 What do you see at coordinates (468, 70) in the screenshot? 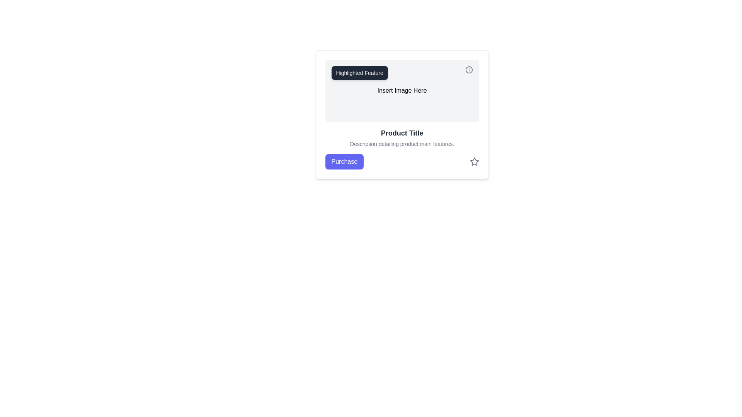
I see `the circular icon with an exclamation mark` at bounding box center [468, 70].